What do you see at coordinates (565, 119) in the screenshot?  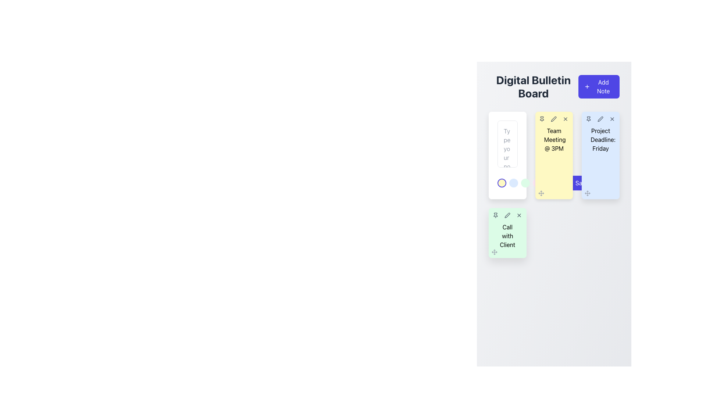 I see `the close button located at the top-right corner of the yellow-colored card titled 'Team Meeting @ 3PM'` at bounding box center [565, 119].